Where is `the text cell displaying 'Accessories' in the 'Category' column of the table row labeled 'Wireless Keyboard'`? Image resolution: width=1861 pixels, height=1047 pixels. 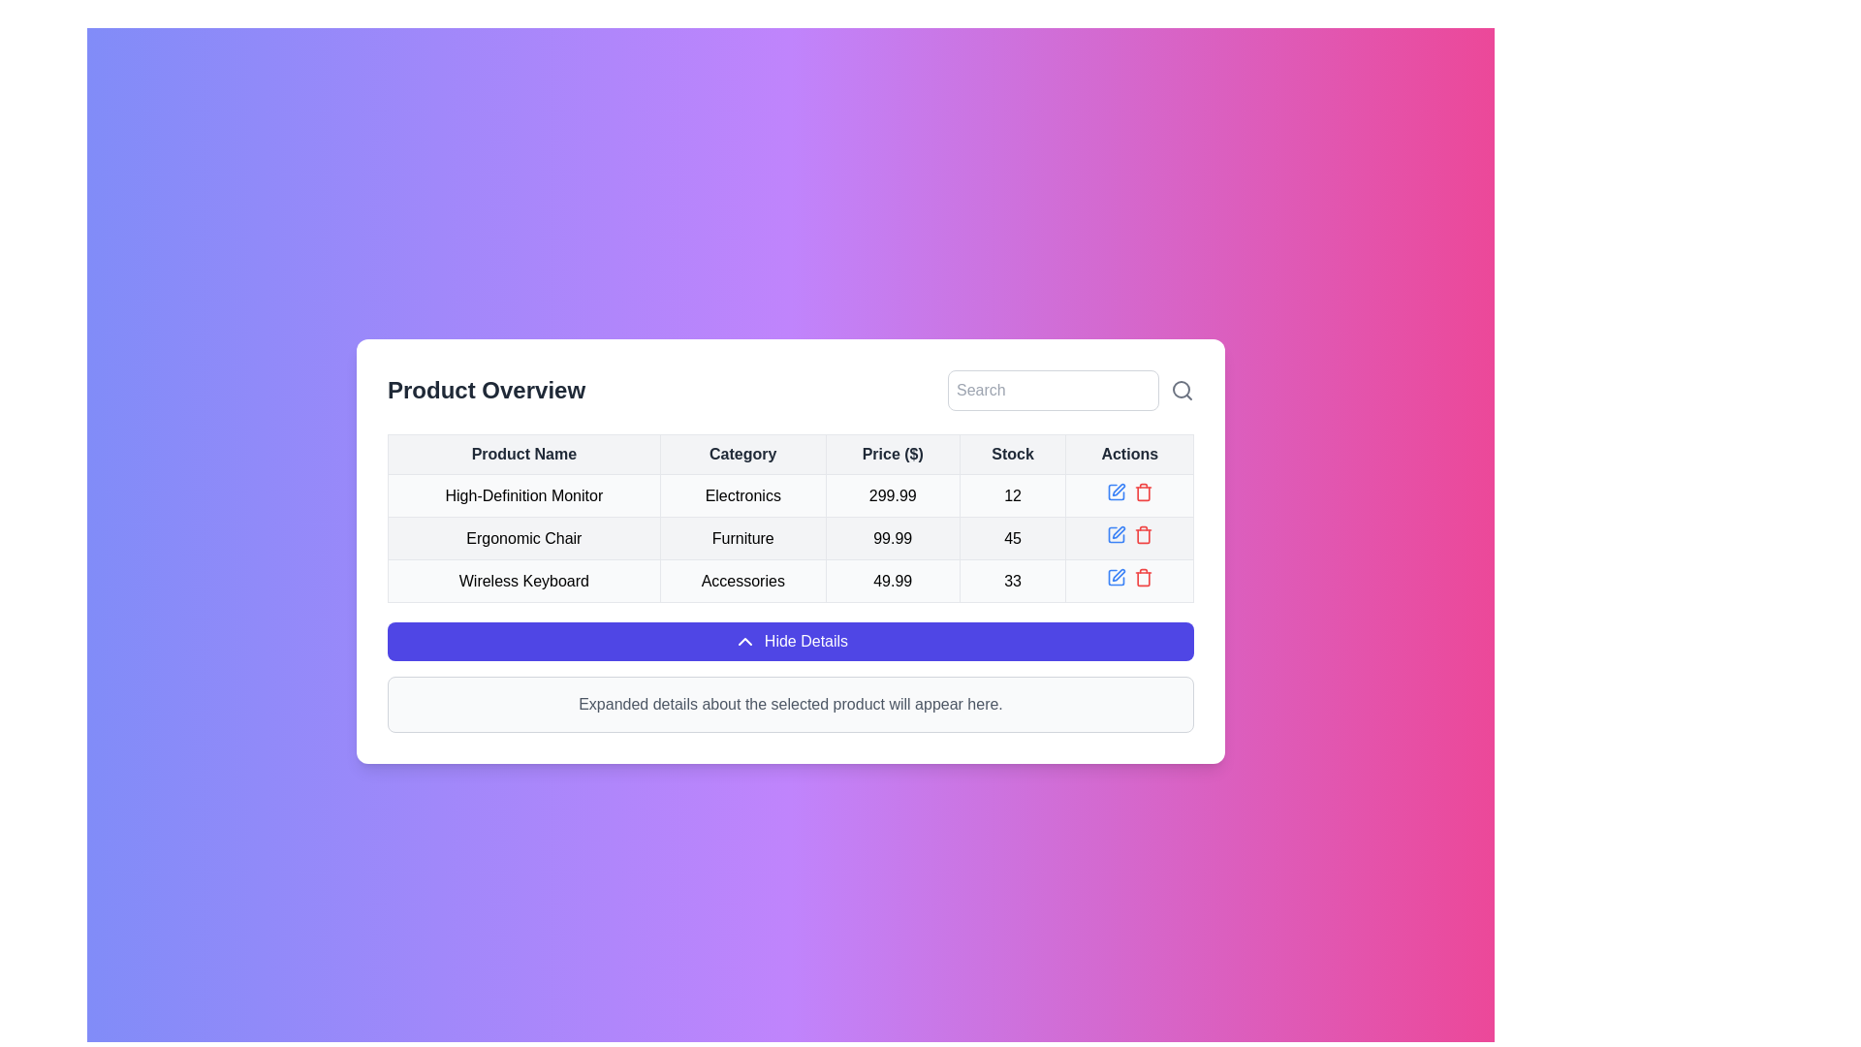 the text cell displaying 'Accessories' in the 'Category' column of the table row labeled 'Wireless Keyboard' is located at coordinates (741, 580).